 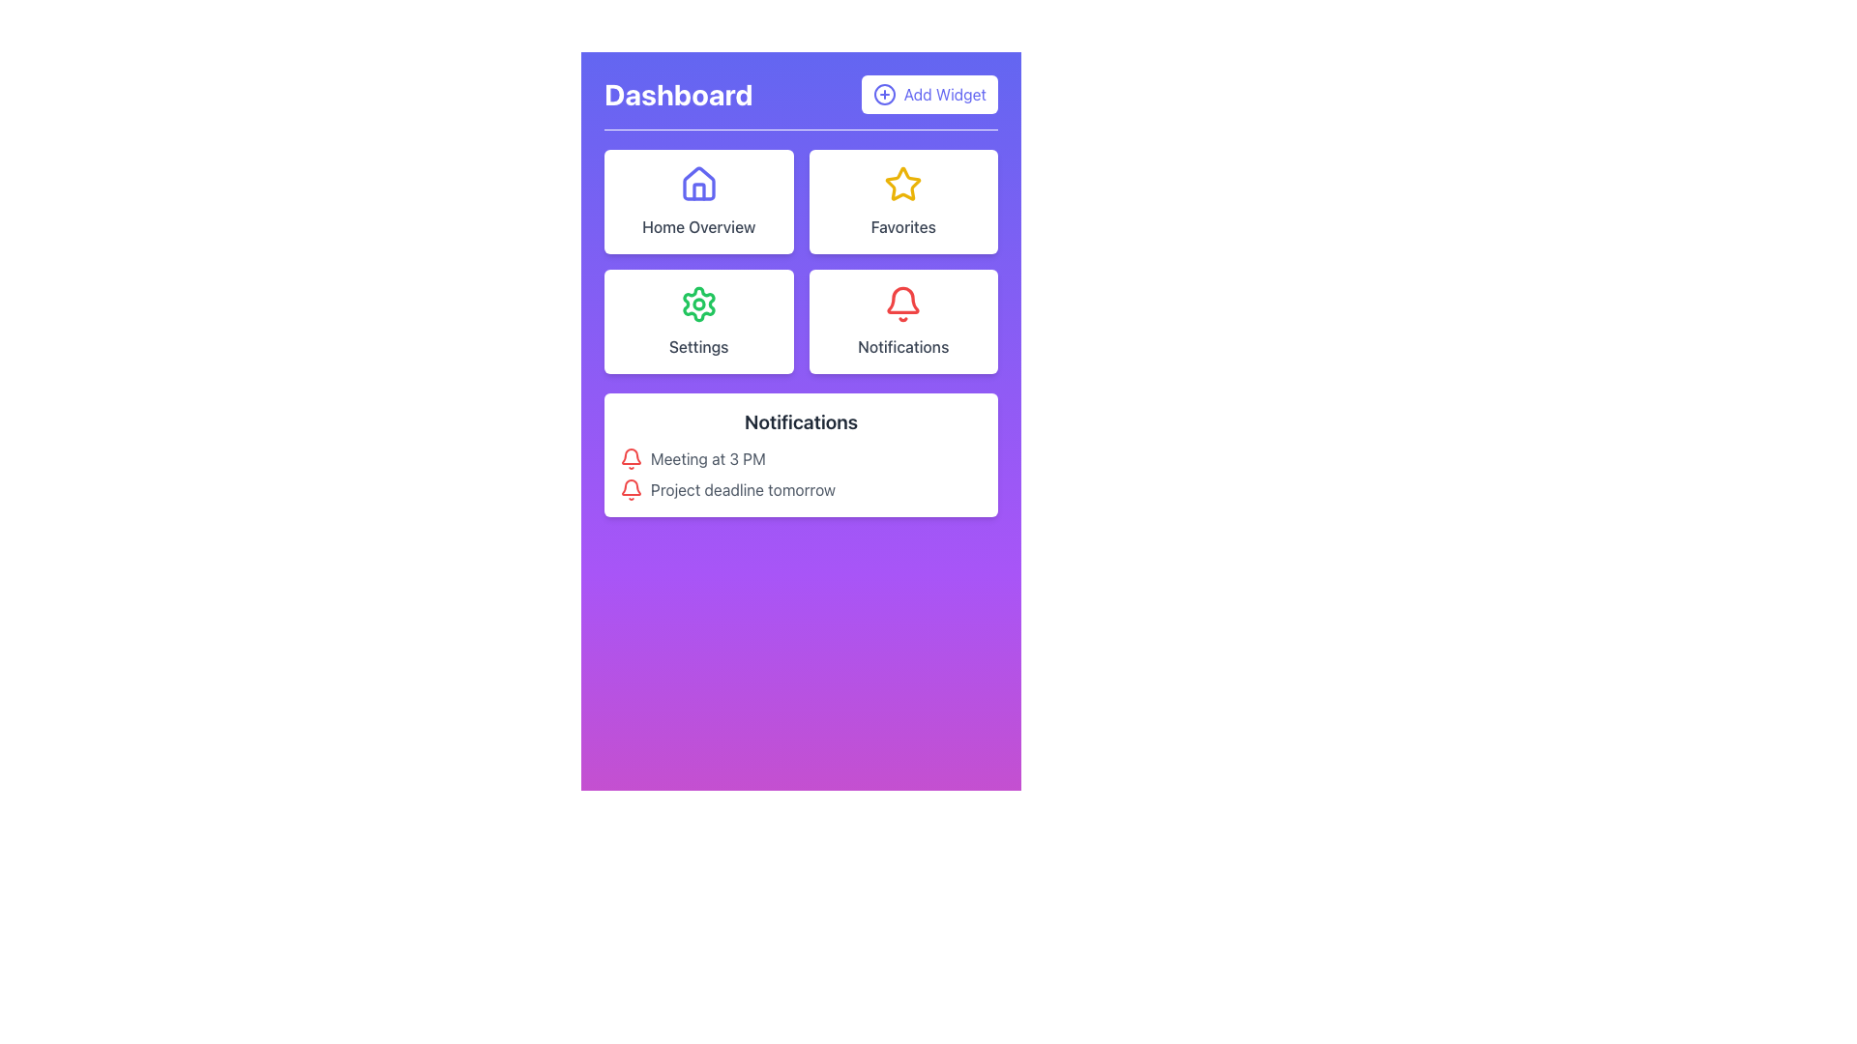 What do you see at coordinates (697, 304) in the screenshot?
I see `the green settings gear icon located in the second row and first column of the grid layout` at bounding box center [697, 304].